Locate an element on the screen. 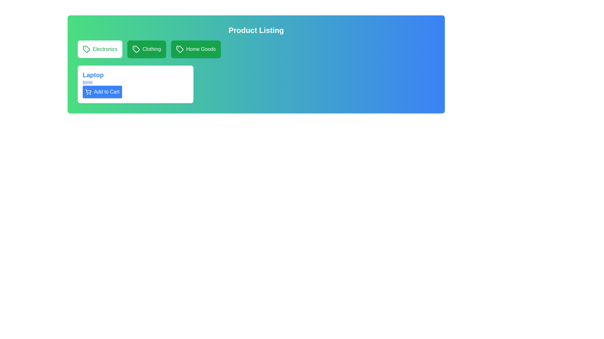 The height and width of the screenshot is (339, 604). the 'Home Goods' button, which is a rectangular button with a green background and a price tag icon, to activate its hover effect is located at coordinates (196, 49).